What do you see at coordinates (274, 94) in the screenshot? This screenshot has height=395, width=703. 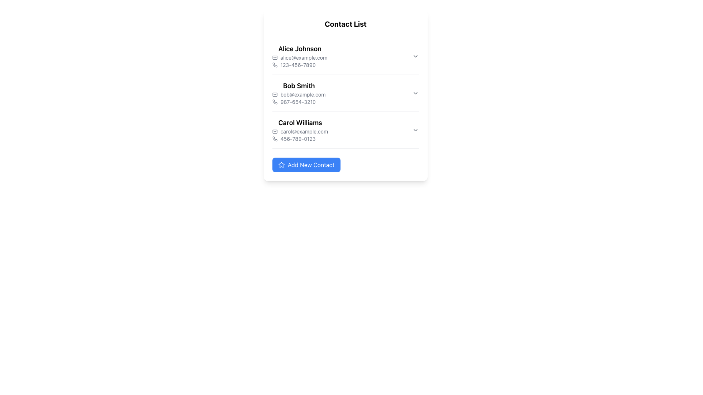 I see `the rectangular icon element representing the email icon associated with the contact 'Bob Smith' in the contact list` at bounding box center [274, 94].